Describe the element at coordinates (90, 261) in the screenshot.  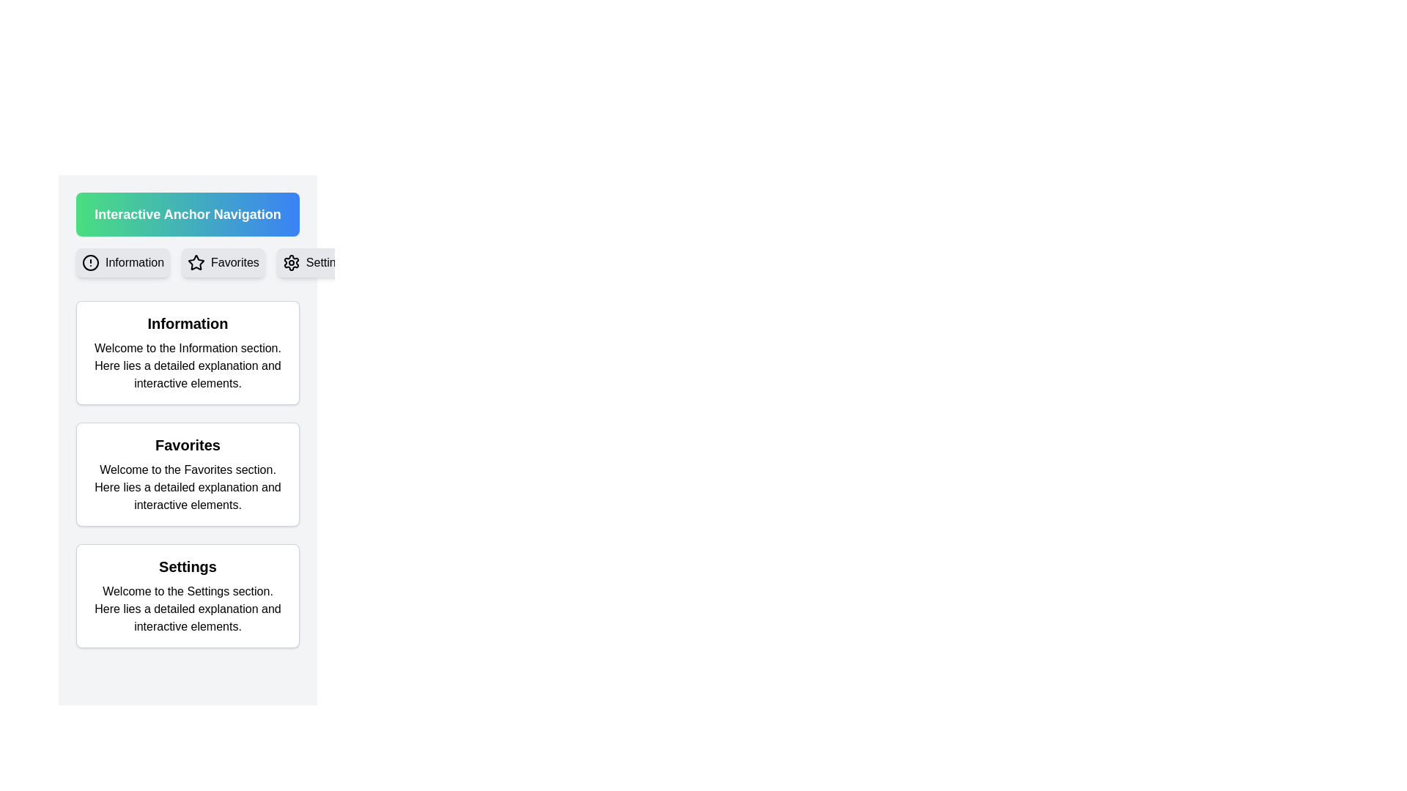
I see `the circular graphic icon with a black border and hollow white interior, located at the top center of the user interface in the navigation section` at that location.